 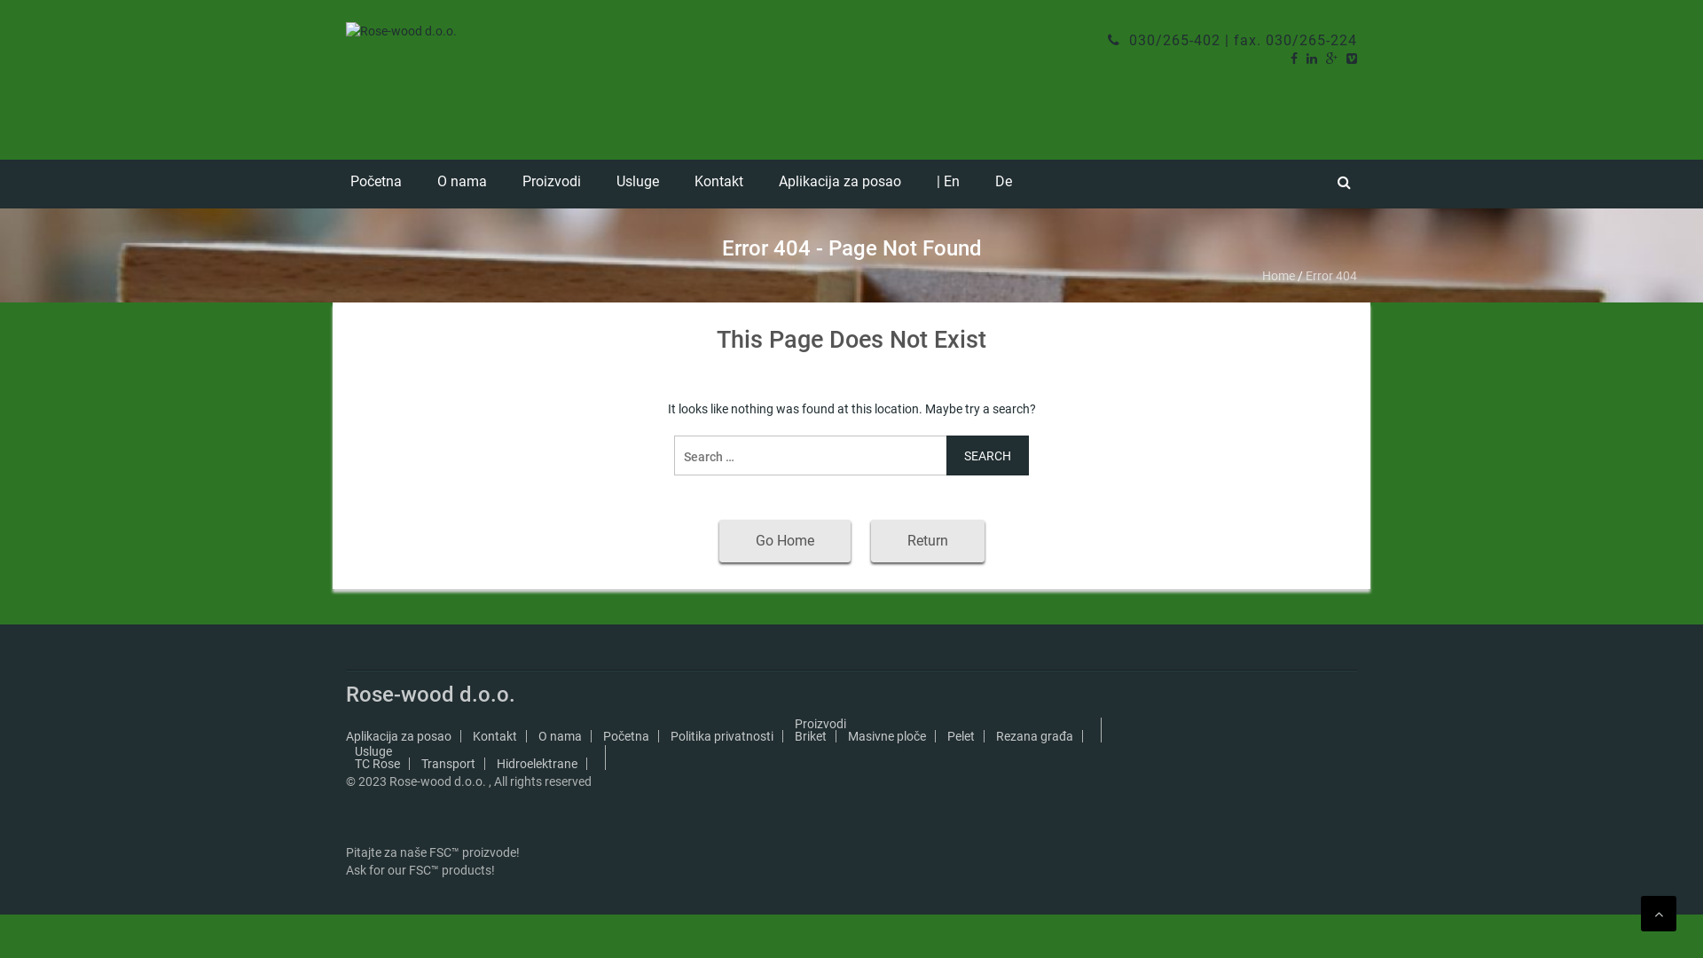 I want to click on '030/265-402 | fax. 030/265-224', so click(x=1231, y=40).